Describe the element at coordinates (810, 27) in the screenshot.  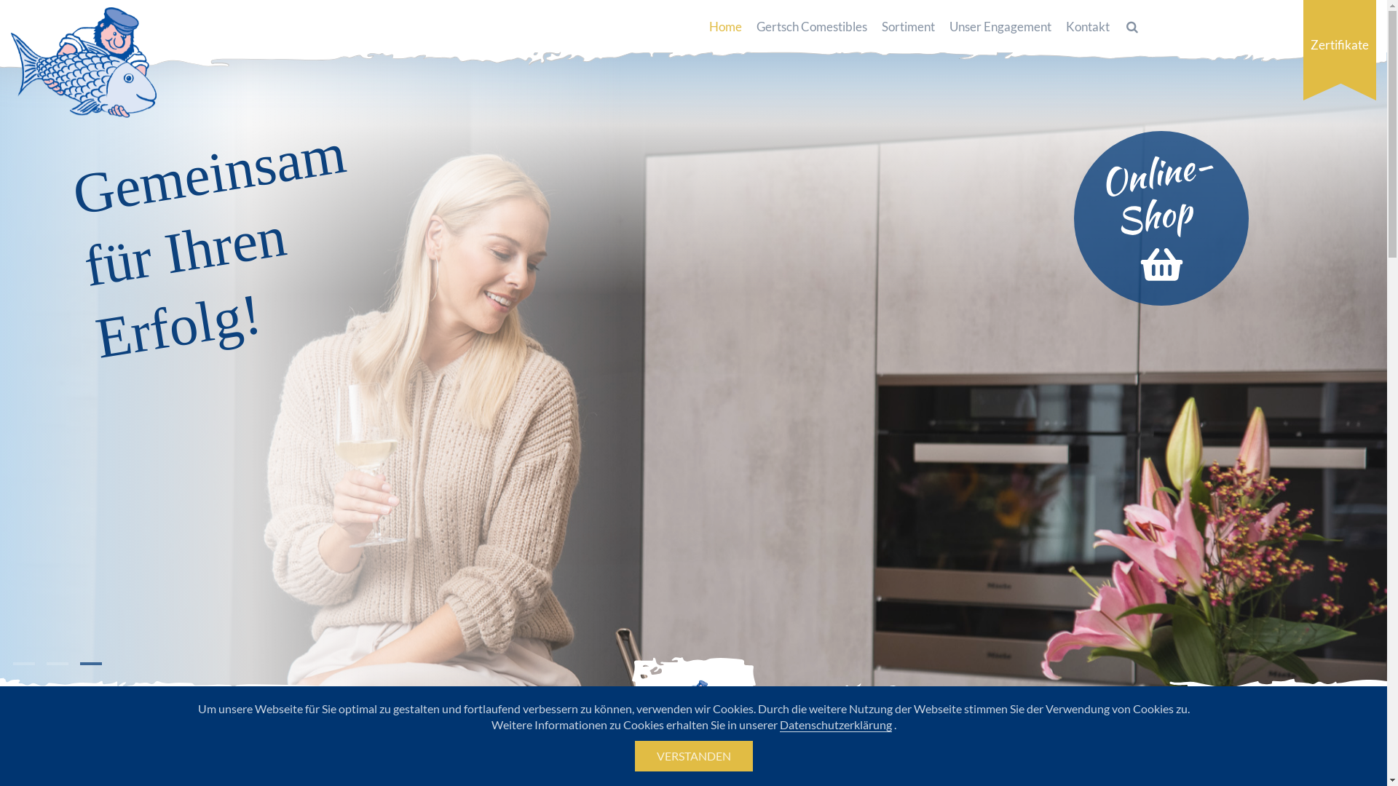
I see `'Gertsch Comestibles'` at that location.